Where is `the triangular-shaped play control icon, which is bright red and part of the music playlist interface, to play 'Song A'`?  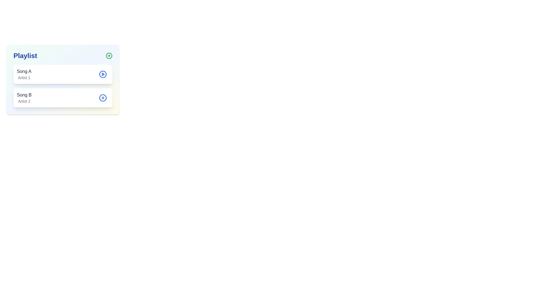
the triangular-shaped play control icon, which is bright red and part of the music playlist interface, to play 'Song A' is located at coordinates (103, 74).